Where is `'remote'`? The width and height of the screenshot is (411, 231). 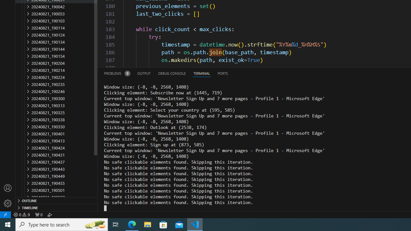 'remote' is located at coordinates (5, 214).